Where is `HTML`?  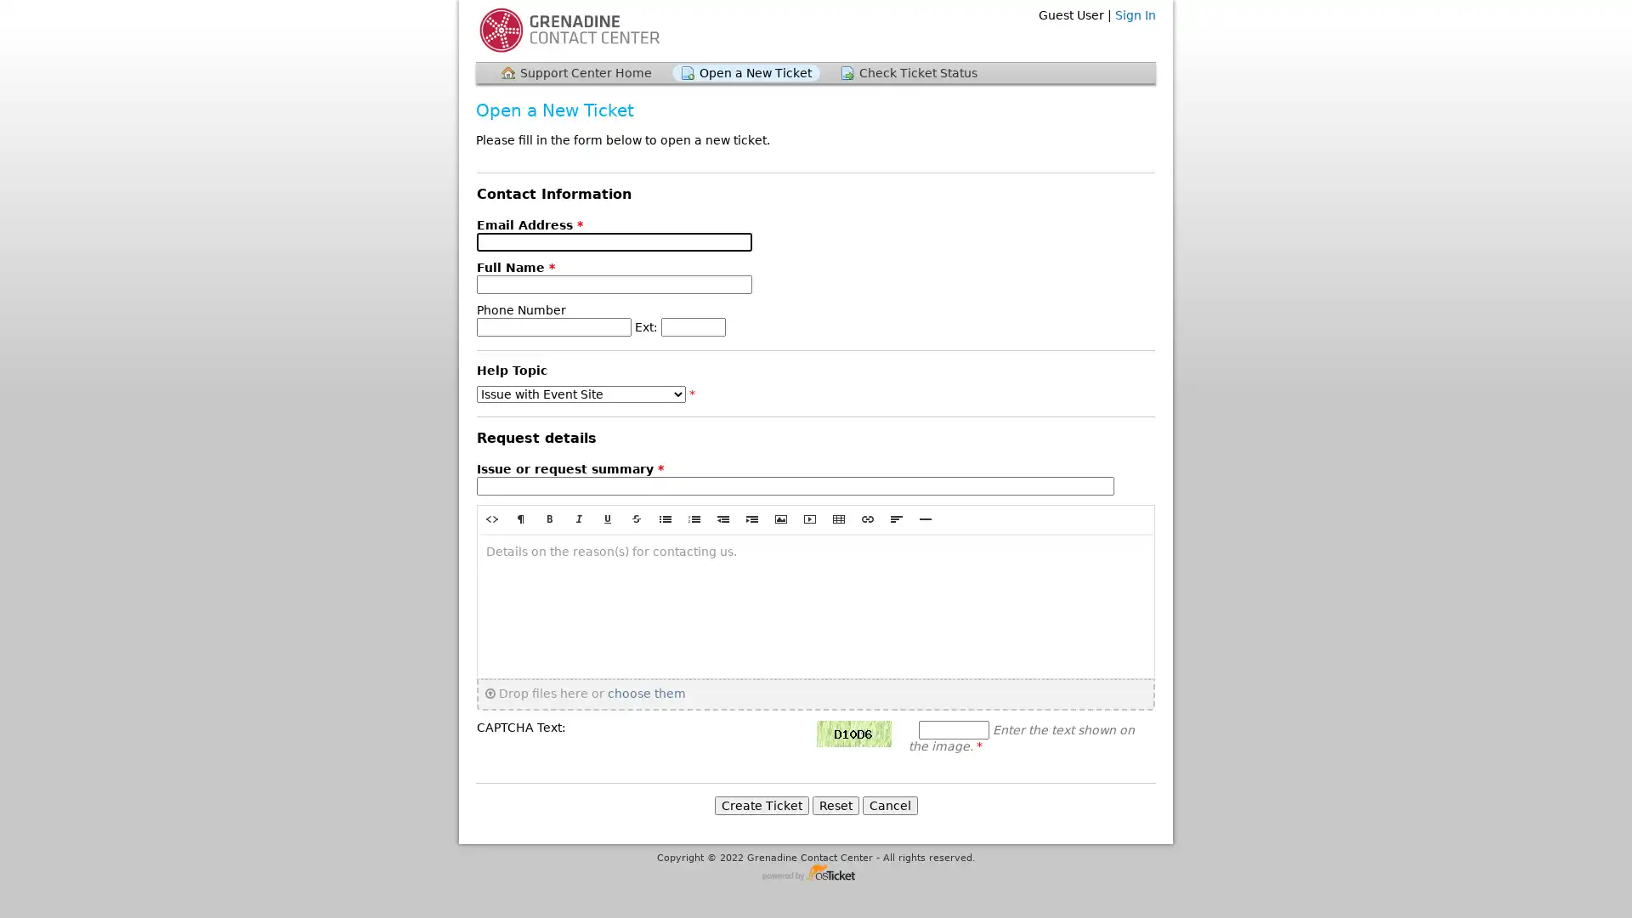 HTML is located at coordinates (491, 518).